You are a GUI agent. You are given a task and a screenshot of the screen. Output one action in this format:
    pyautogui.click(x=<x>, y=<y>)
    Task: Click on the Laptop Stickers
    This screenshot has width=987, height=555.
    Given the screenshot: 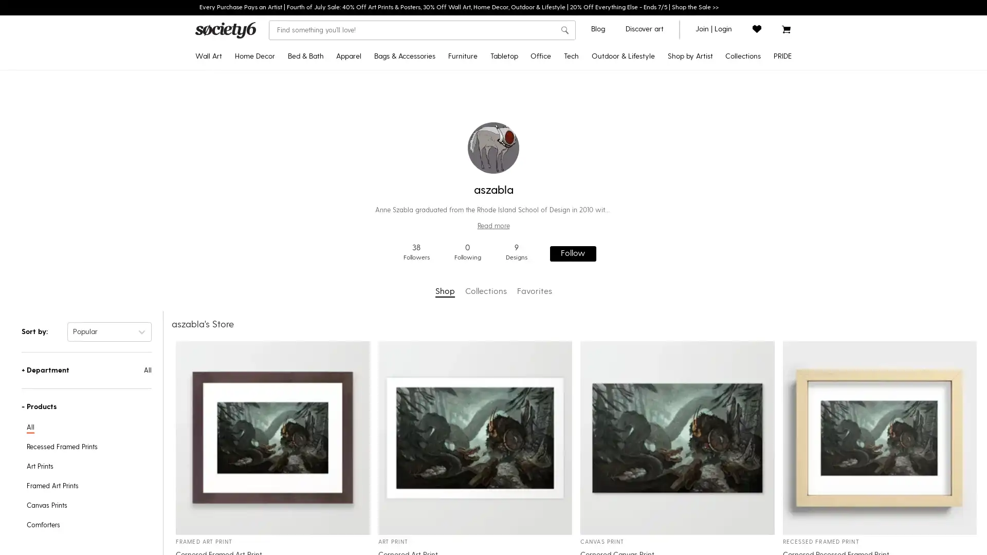 What is the action you would take?
    pyautogui.click(x=566, y=248)
    